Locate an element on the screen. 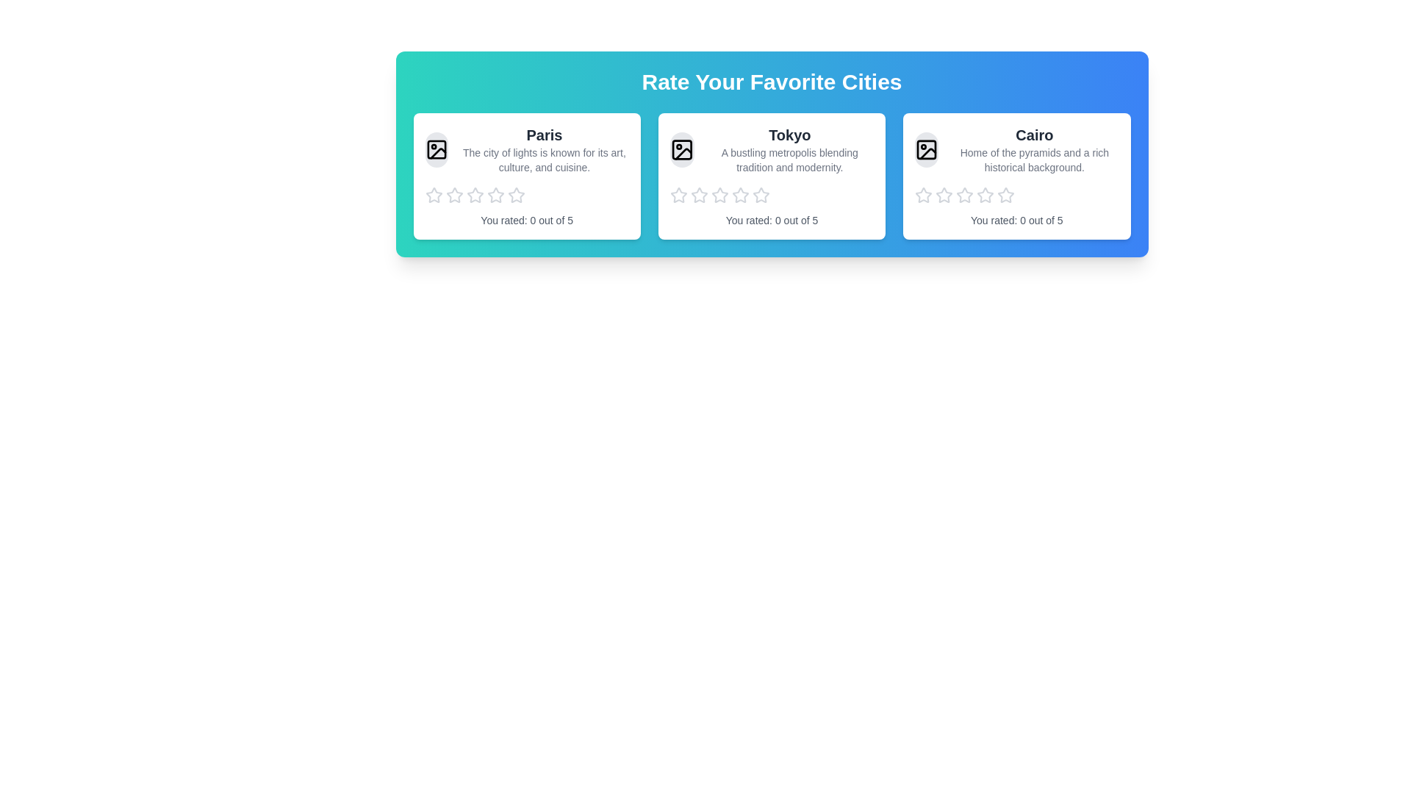 The width and height of the screenshot is (1411, 794). the first star in the horizontal set of five stars is located at coordinates (719, 194).